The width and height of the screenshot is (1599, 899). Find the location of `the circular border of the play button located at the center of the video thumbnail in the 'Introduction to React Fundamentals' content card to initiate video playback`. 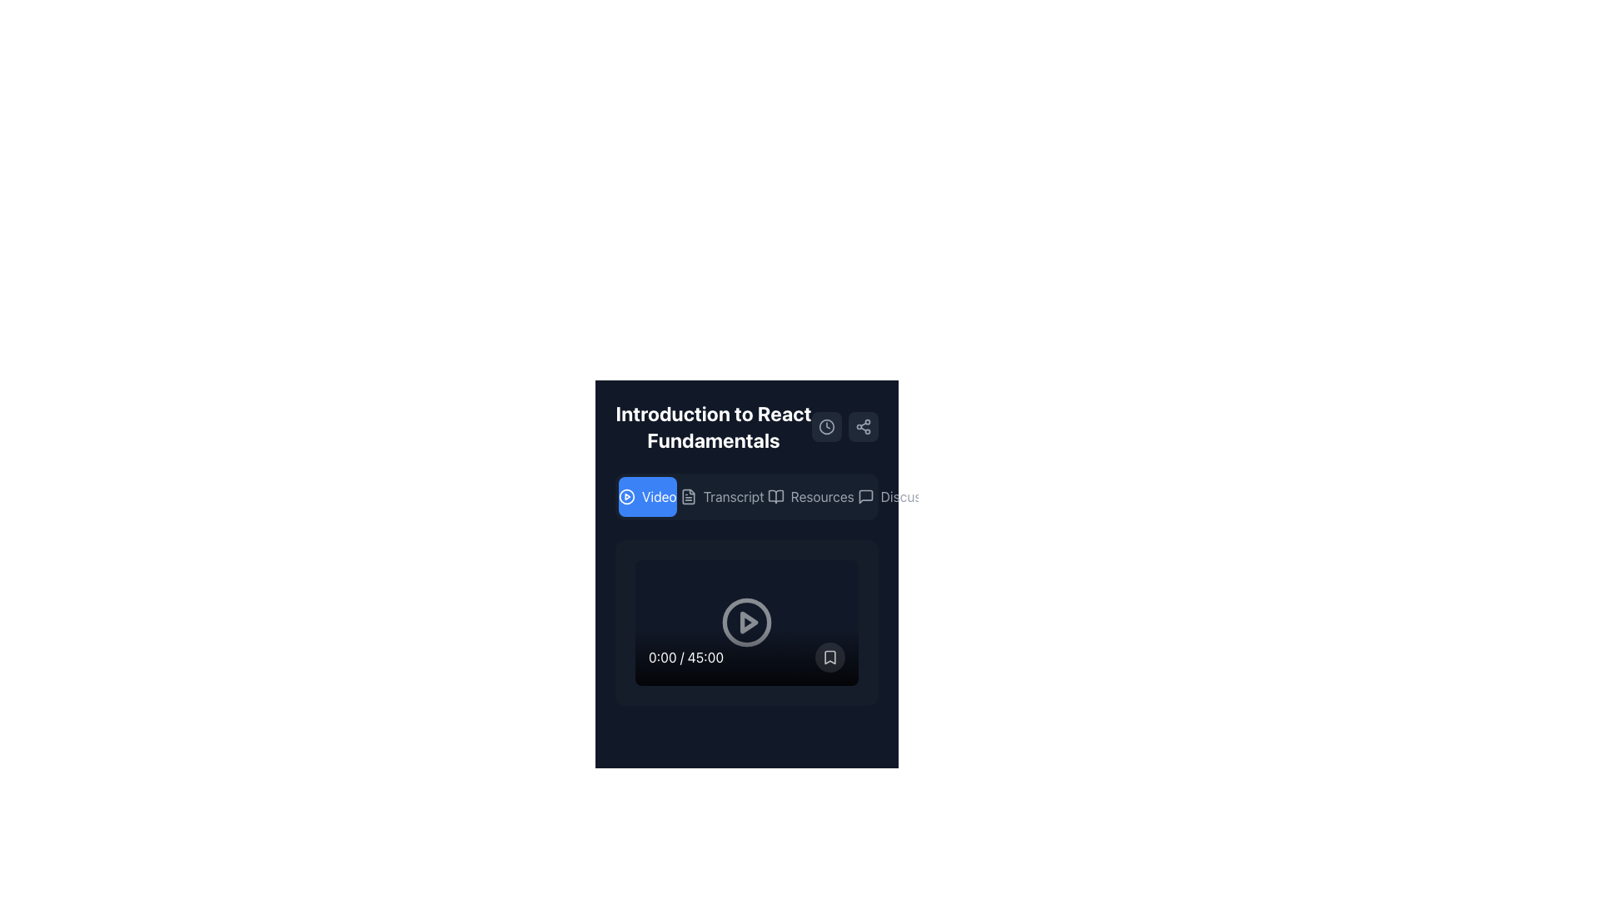

the circular border of the play button located at the center of the video thumbnail in the 'Introduction to React Fundamentals' content card to initiate video playback is located at coordinates (746, 623).